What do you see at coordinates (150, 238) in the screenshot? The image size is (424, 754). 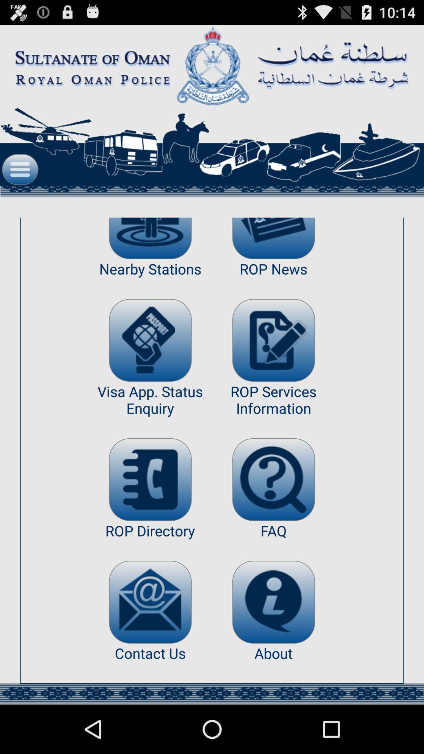 I see `the item to the left of the rop news icon` at bounding box center [150, 238].